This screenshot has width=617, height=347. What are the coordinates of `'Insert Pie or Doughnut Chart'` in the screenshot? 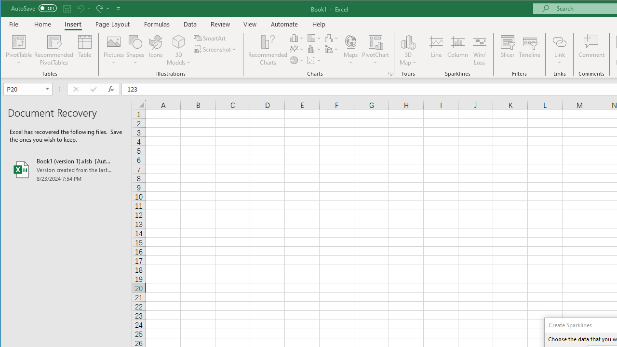 It's located at (296, 60).